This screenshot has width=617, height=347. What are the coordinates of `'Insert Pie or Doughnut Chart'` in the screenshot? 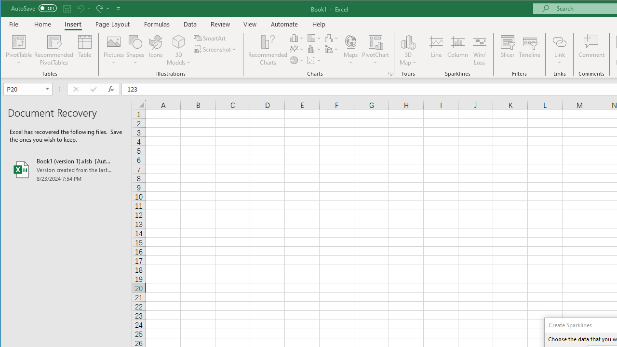 It's located at (296, 60).